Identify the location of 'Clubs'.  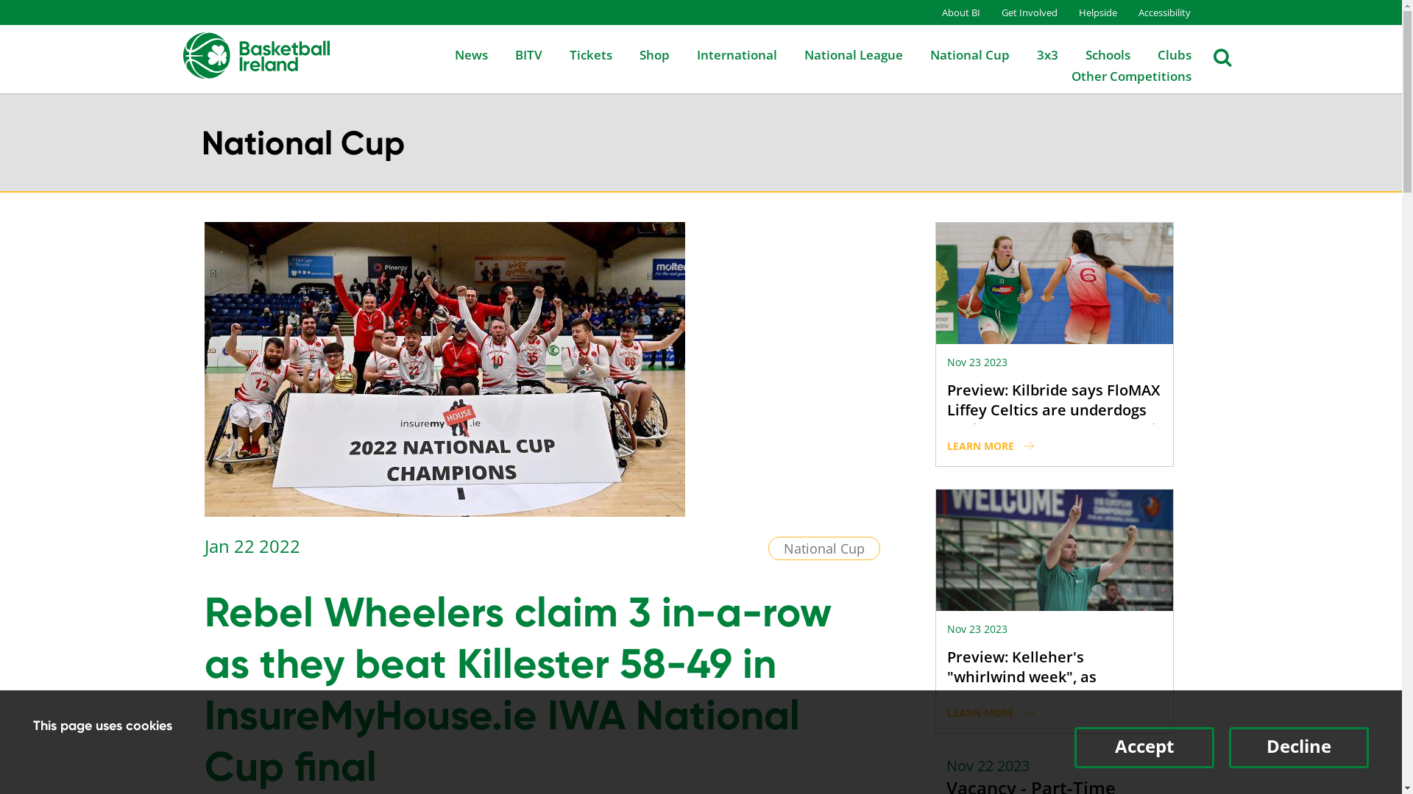
(1130, 54).